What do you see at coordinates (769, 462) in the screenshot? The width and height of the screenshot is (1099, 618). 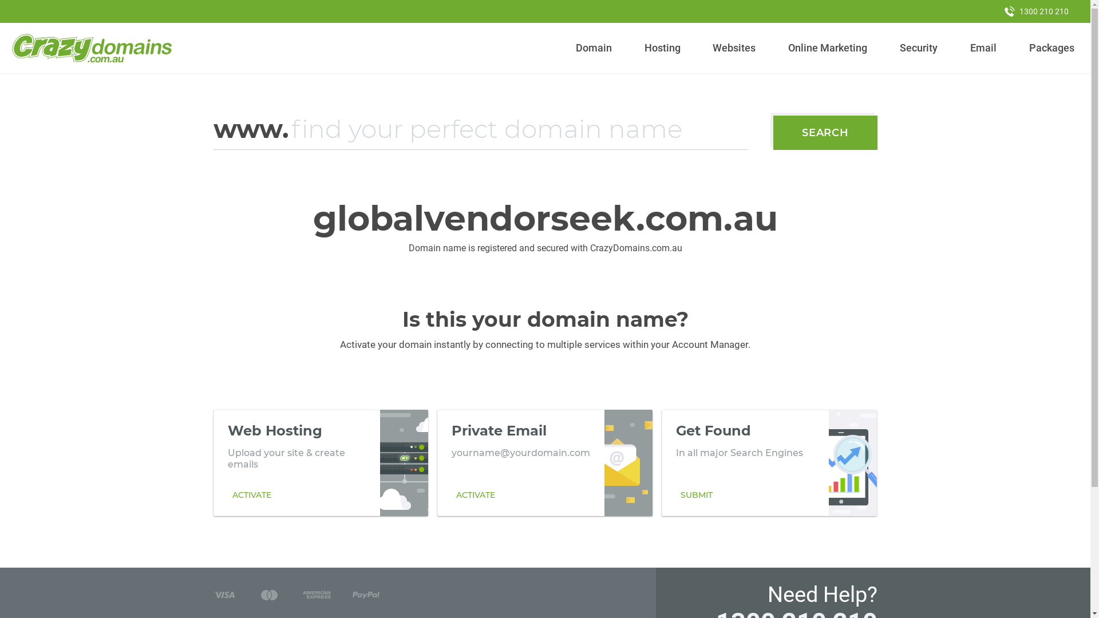 I see `'Get Found` at bounding box center [769, 462].